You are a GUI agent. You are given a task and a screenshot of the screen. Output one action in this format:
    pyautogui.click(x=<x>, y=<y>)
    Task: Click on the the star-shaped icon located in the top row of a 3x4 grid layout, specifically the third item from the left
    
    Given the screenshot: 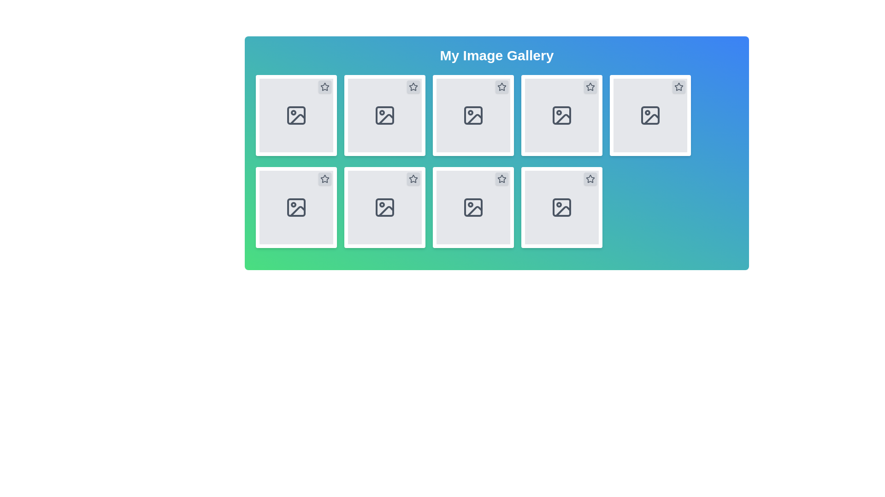 What is the action you would take?
    pyautogui.click(x=590, y=87)
    